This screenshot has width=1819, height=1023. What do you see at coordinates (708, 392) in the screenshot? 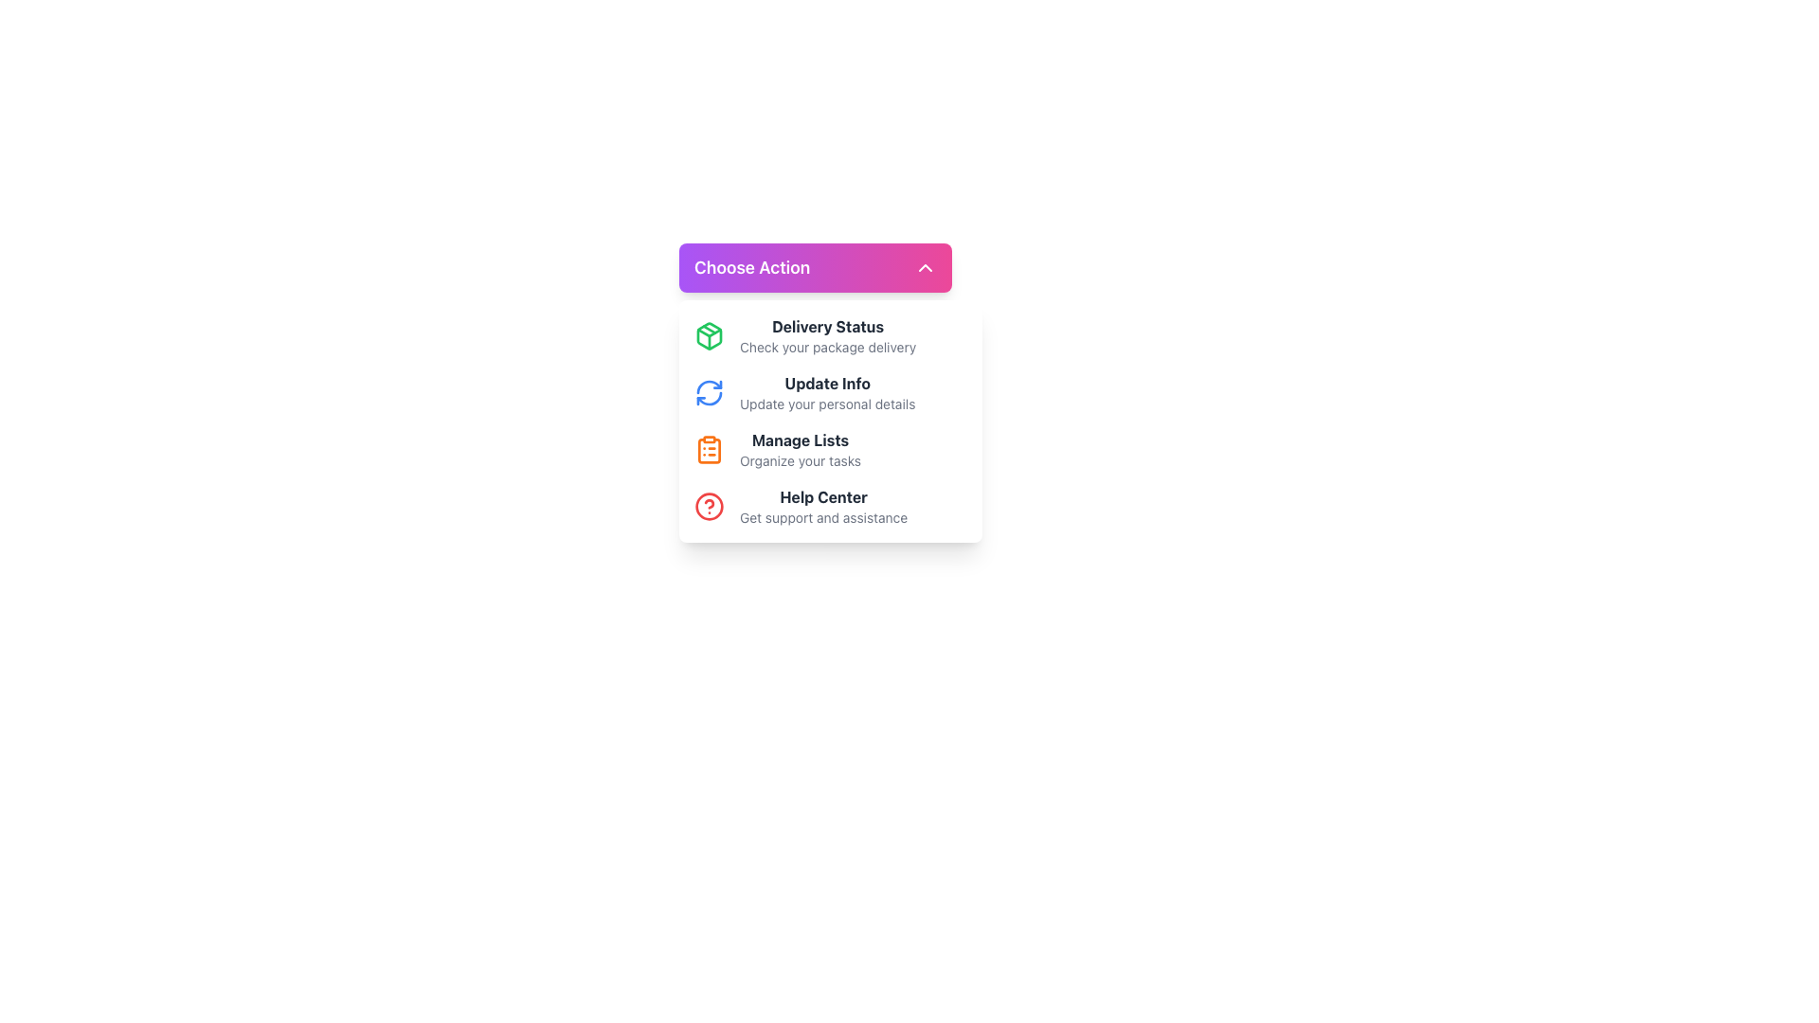
I see `the 'Update Info' graphical icon located in the second row of the dropdown menu to initiate interaction` at bounding box center [708, 392].